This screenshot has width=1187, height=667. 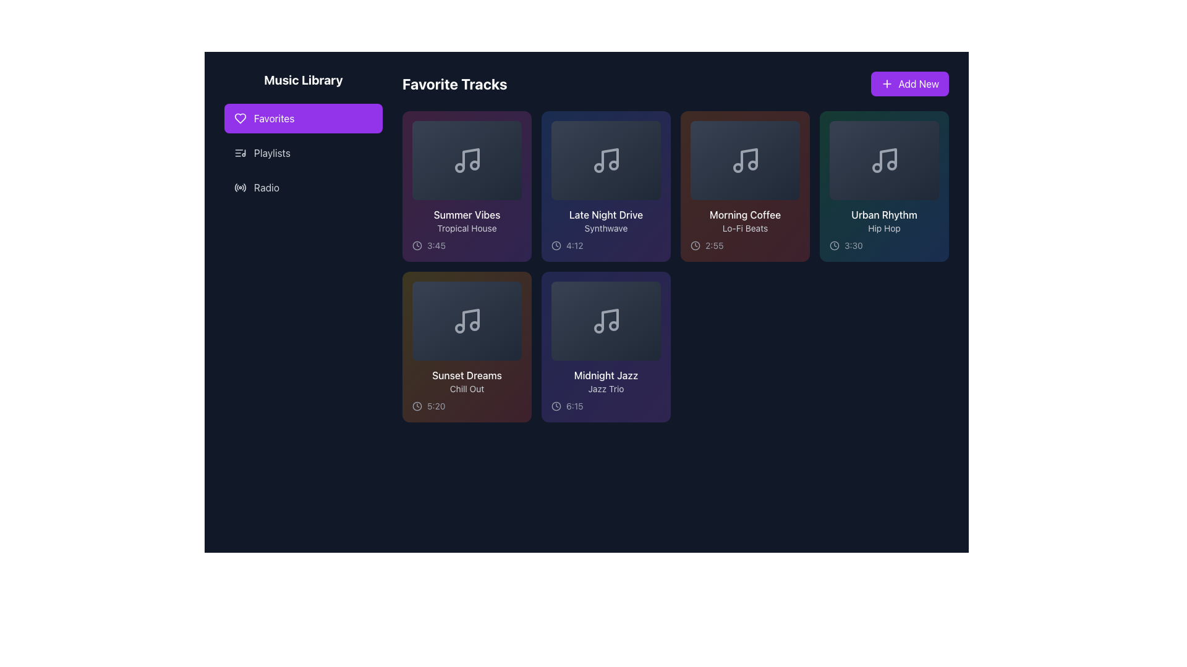 I want to click on the 'Playlists' text label in the sidebar navigation, which is the second item below 'Favorites' and above 'Radio', so click(x=271, y=152).